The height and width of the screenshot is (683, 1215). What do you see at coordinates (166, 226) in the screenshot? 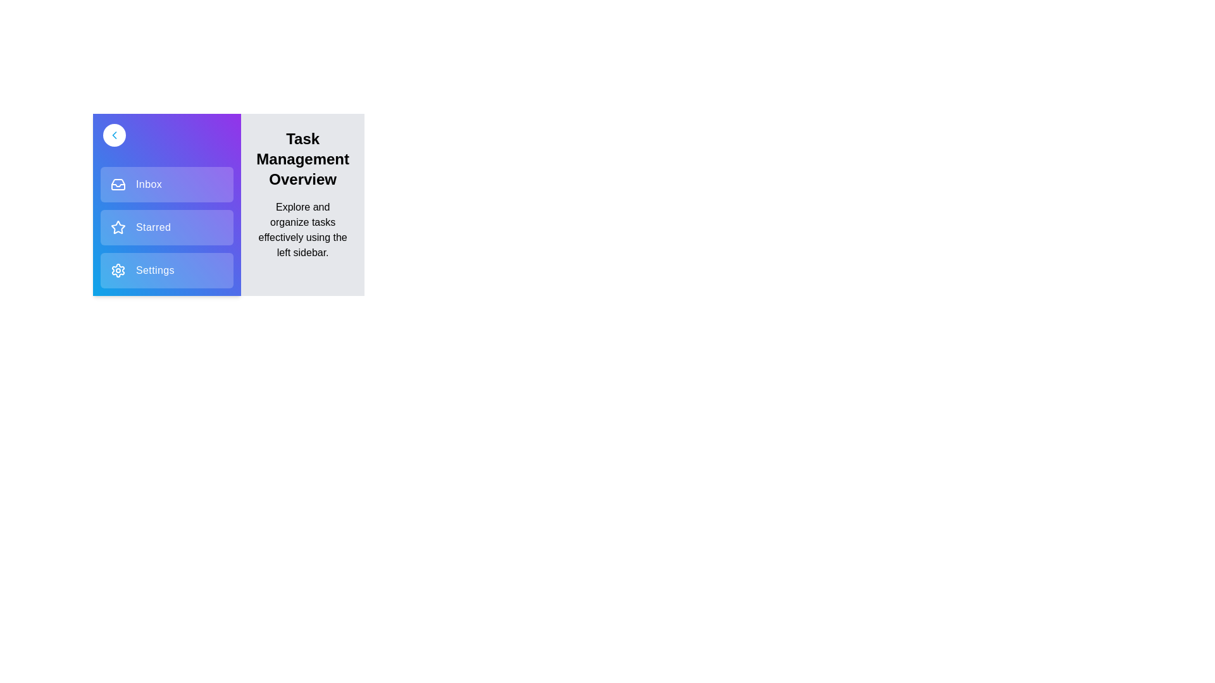
I see `the 'Starred' item in the sidebar menu` at bounding box center [166, 226].